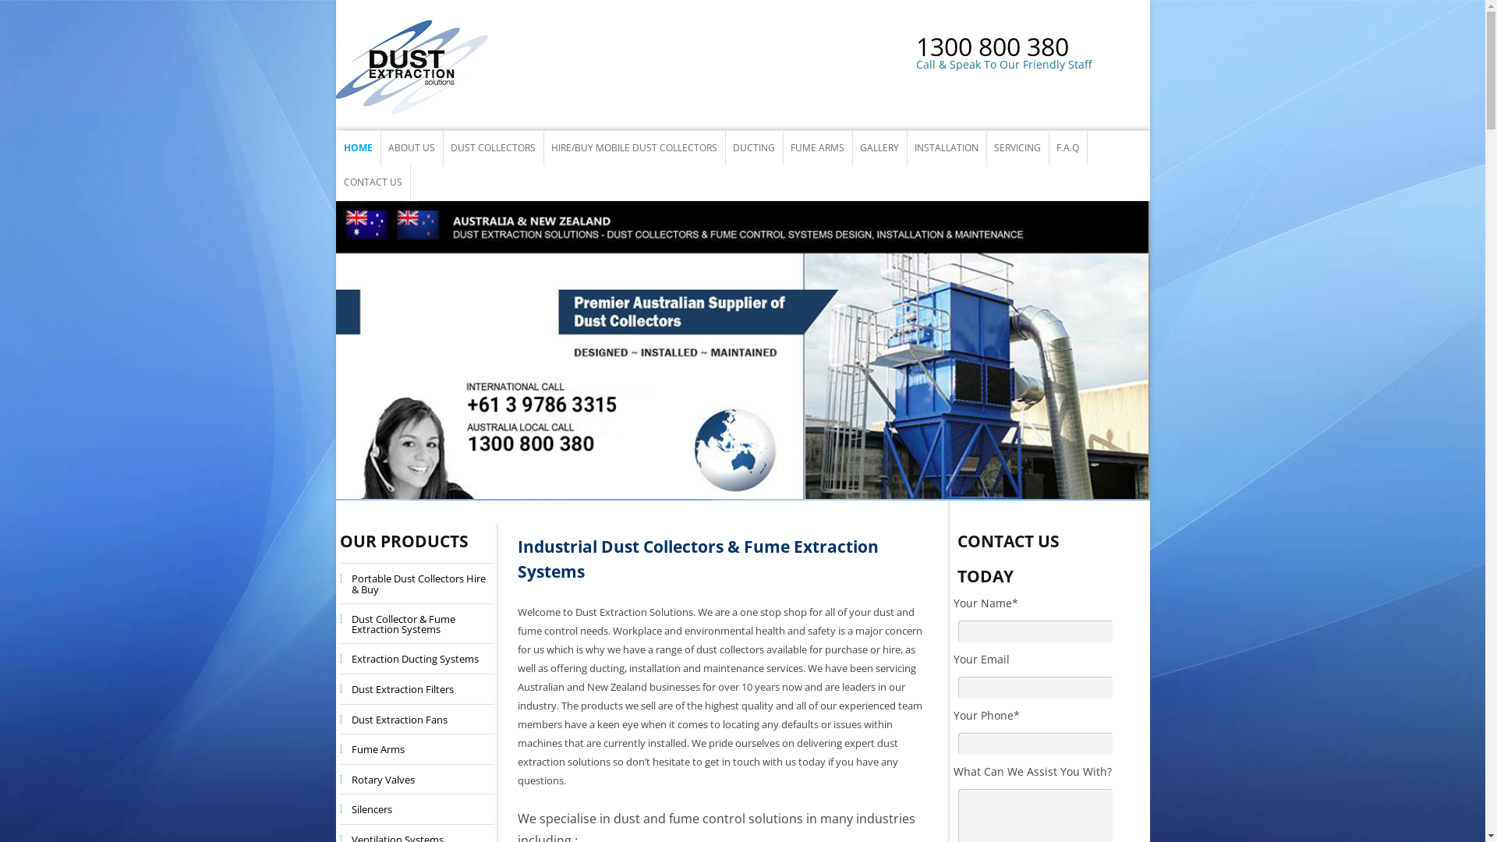 This screenshot has height=842, width=1497. I want to click on 'F.A.Q', so click(1066, 147).